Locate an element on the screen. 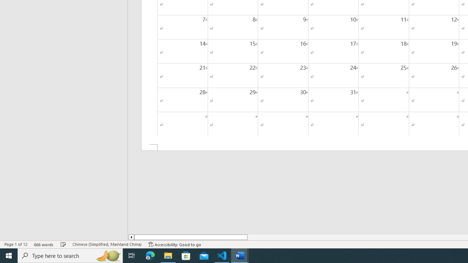 This screenshot has width=468, height=263. 'Column left' is located at coordinates (131, 237).